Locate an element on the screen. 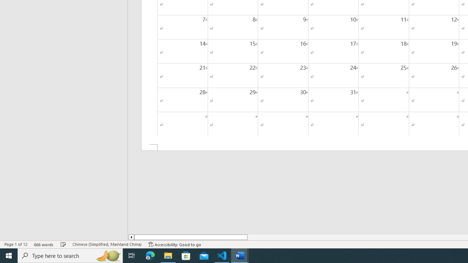 This screenshot has width=468, height=263. 'Column left' is located at coordinates (131, 237).